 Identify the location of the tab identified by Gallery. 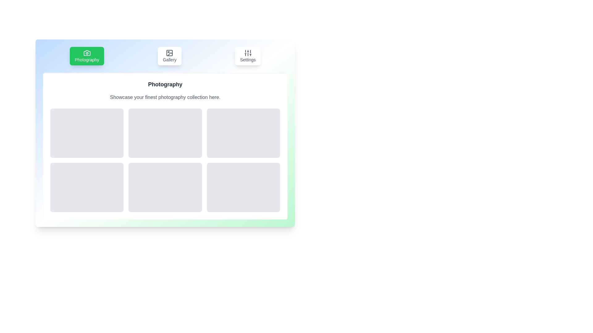
(170, 56).